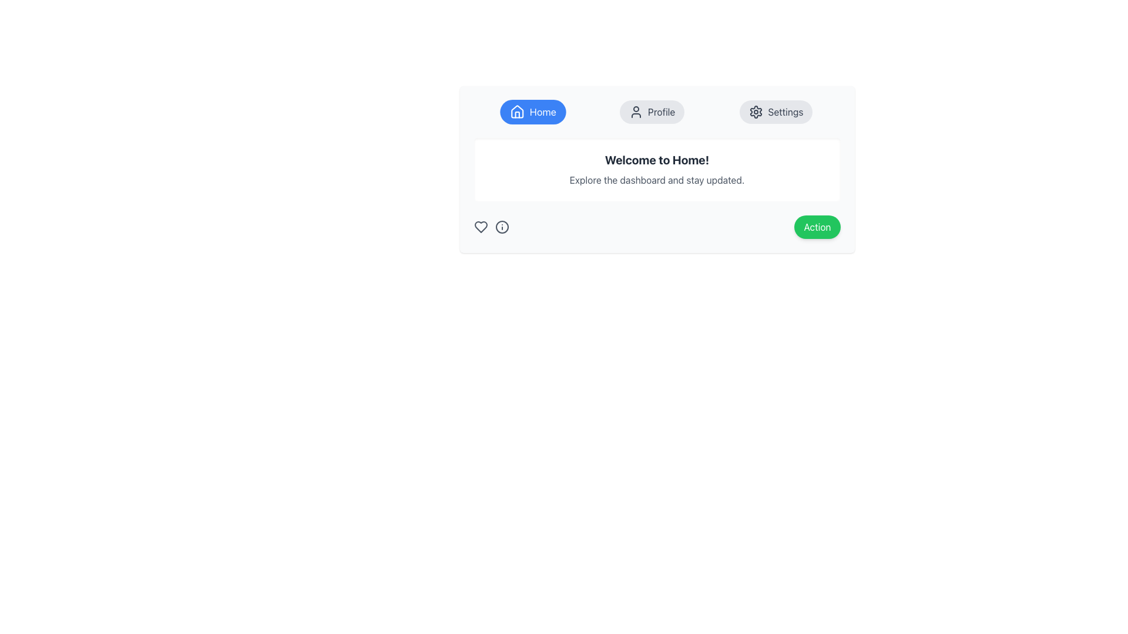 Image resolution: width=1128 pixels, height=634 pixels. Describe the element at coordinates (532, 112) in the screenshot. I see `the rounded blue button labeled 'Home' with a house icon` at that location.